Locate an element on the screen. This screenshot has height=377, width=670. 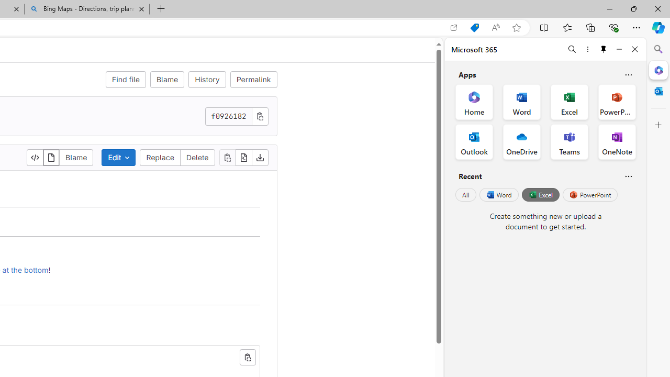
'Home Office App' is located at coordinates (474, 102).